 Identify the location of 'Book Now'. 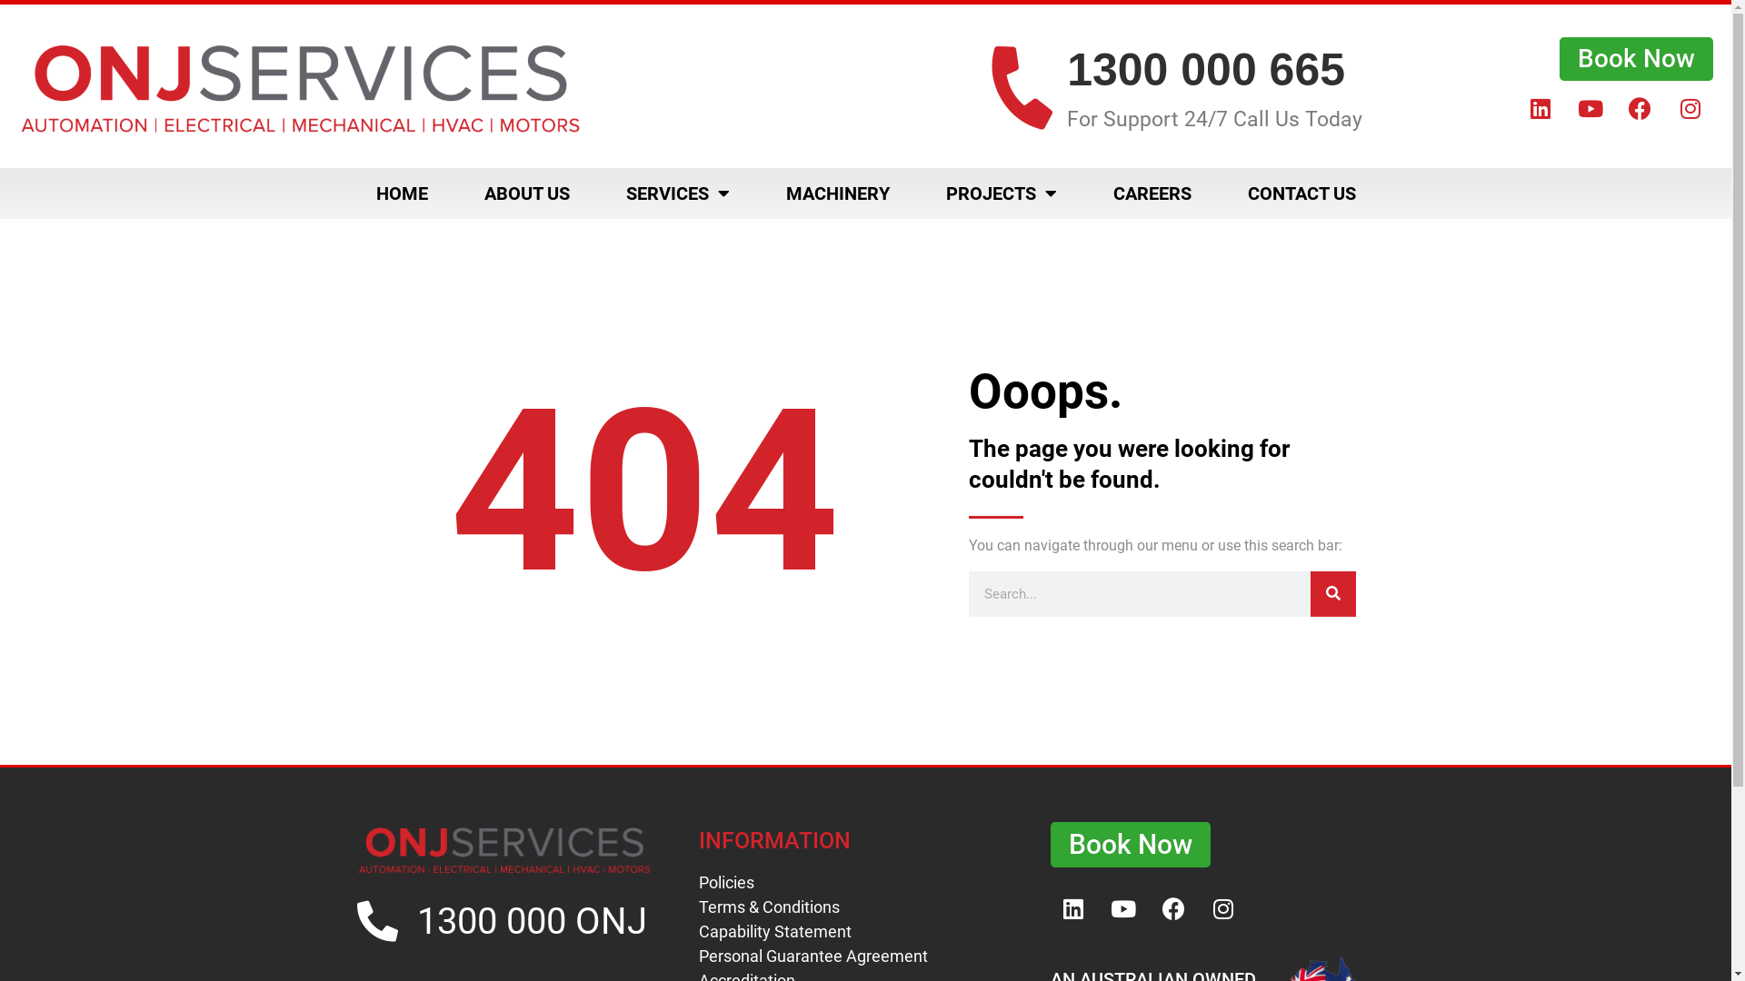
(1129, 844).